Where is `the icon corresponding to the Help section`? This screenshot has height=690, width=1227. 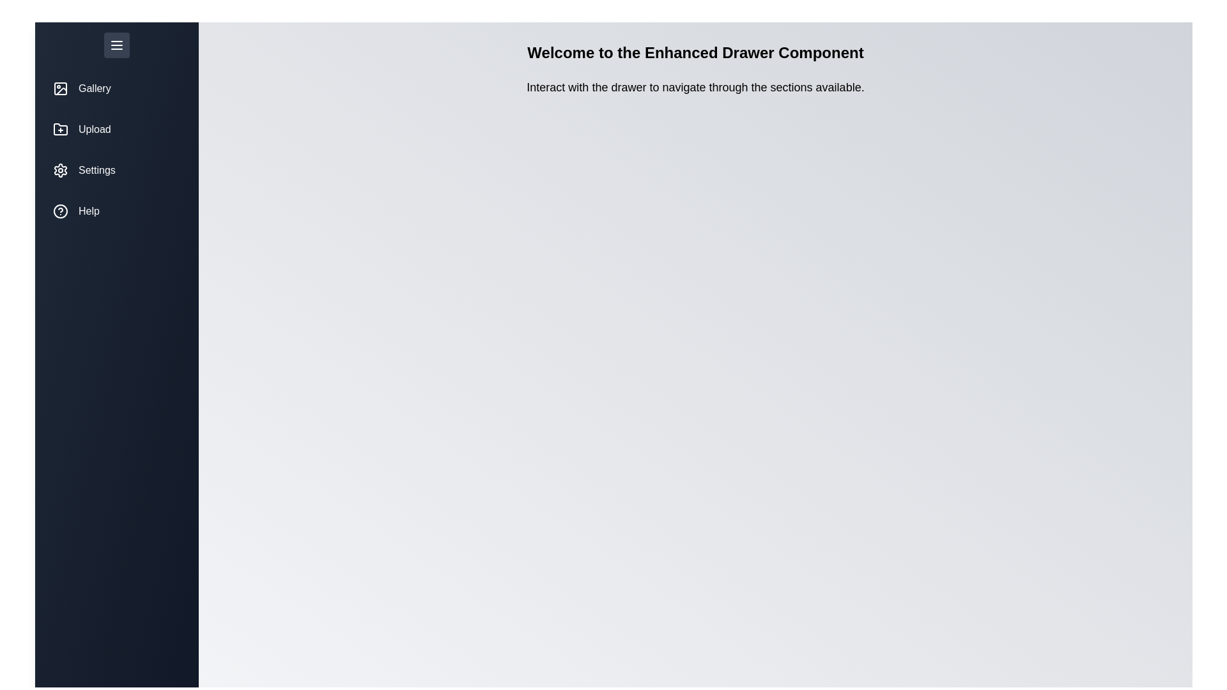
the icon corresponding to the Help section is located at coordinates (60, 211).